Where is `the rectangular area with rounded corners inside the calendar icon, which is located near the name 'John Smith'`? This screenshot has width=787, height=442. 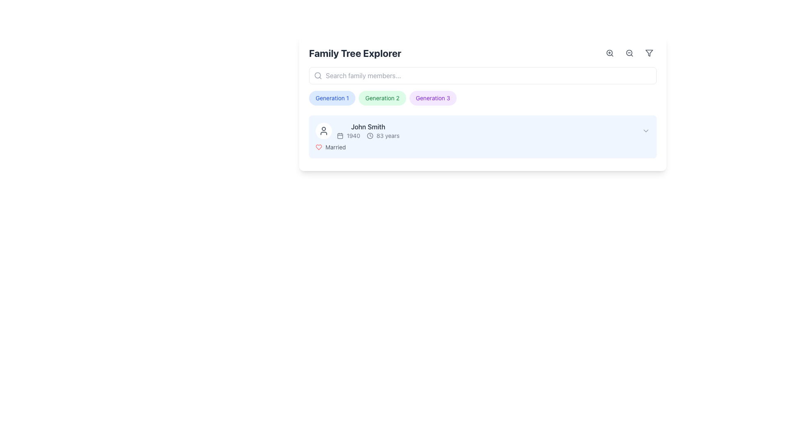
the rectangular area with rounded corners inside the calendar icon, which is located near the name 'John Smith' is located at coordinates (340, 135).